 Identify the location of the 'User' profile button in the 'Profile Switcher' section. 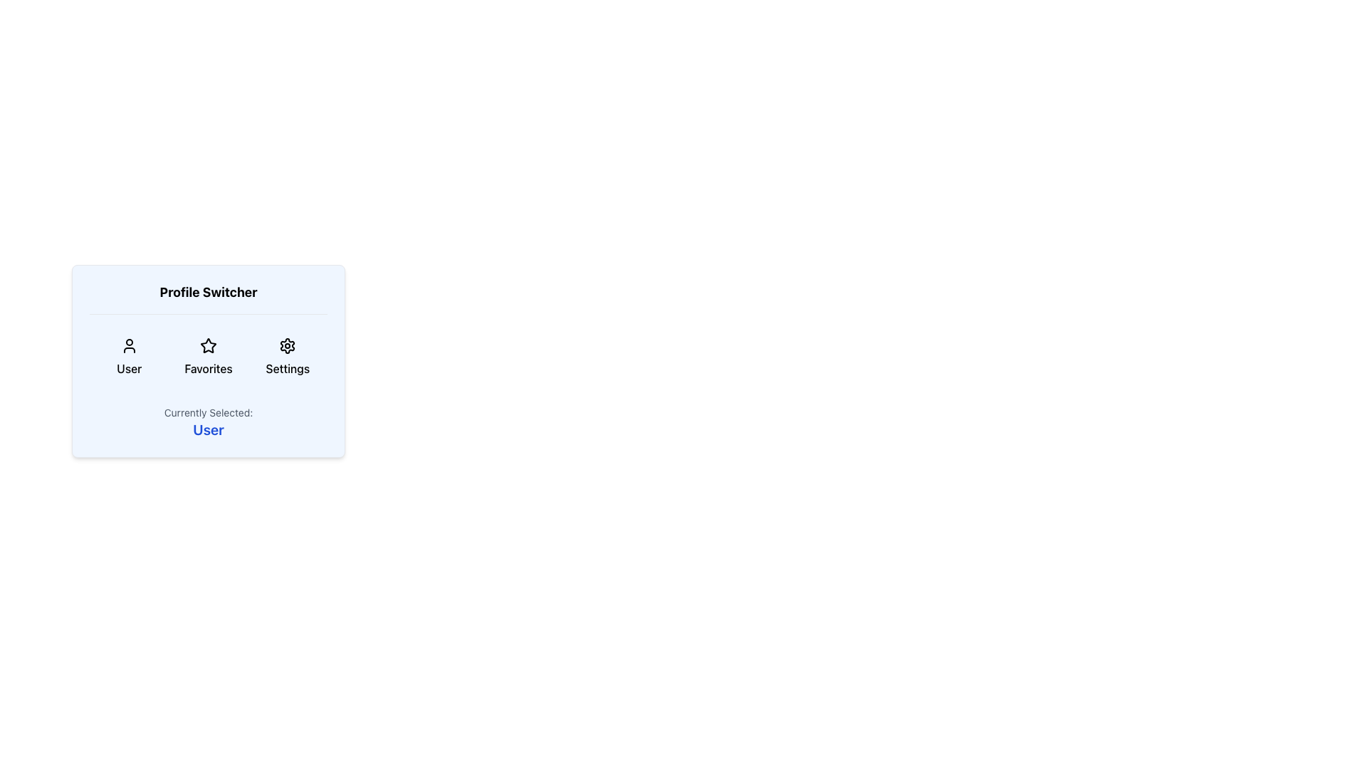
(129, 356).